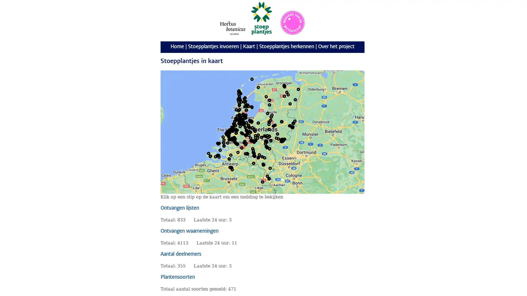 Image resolution: width=527 pixels, height=296 pixels. Describe the element at coordinates (242, 120) in the screenshot. I see `Telling van NG op 14 april 2022` at that location.